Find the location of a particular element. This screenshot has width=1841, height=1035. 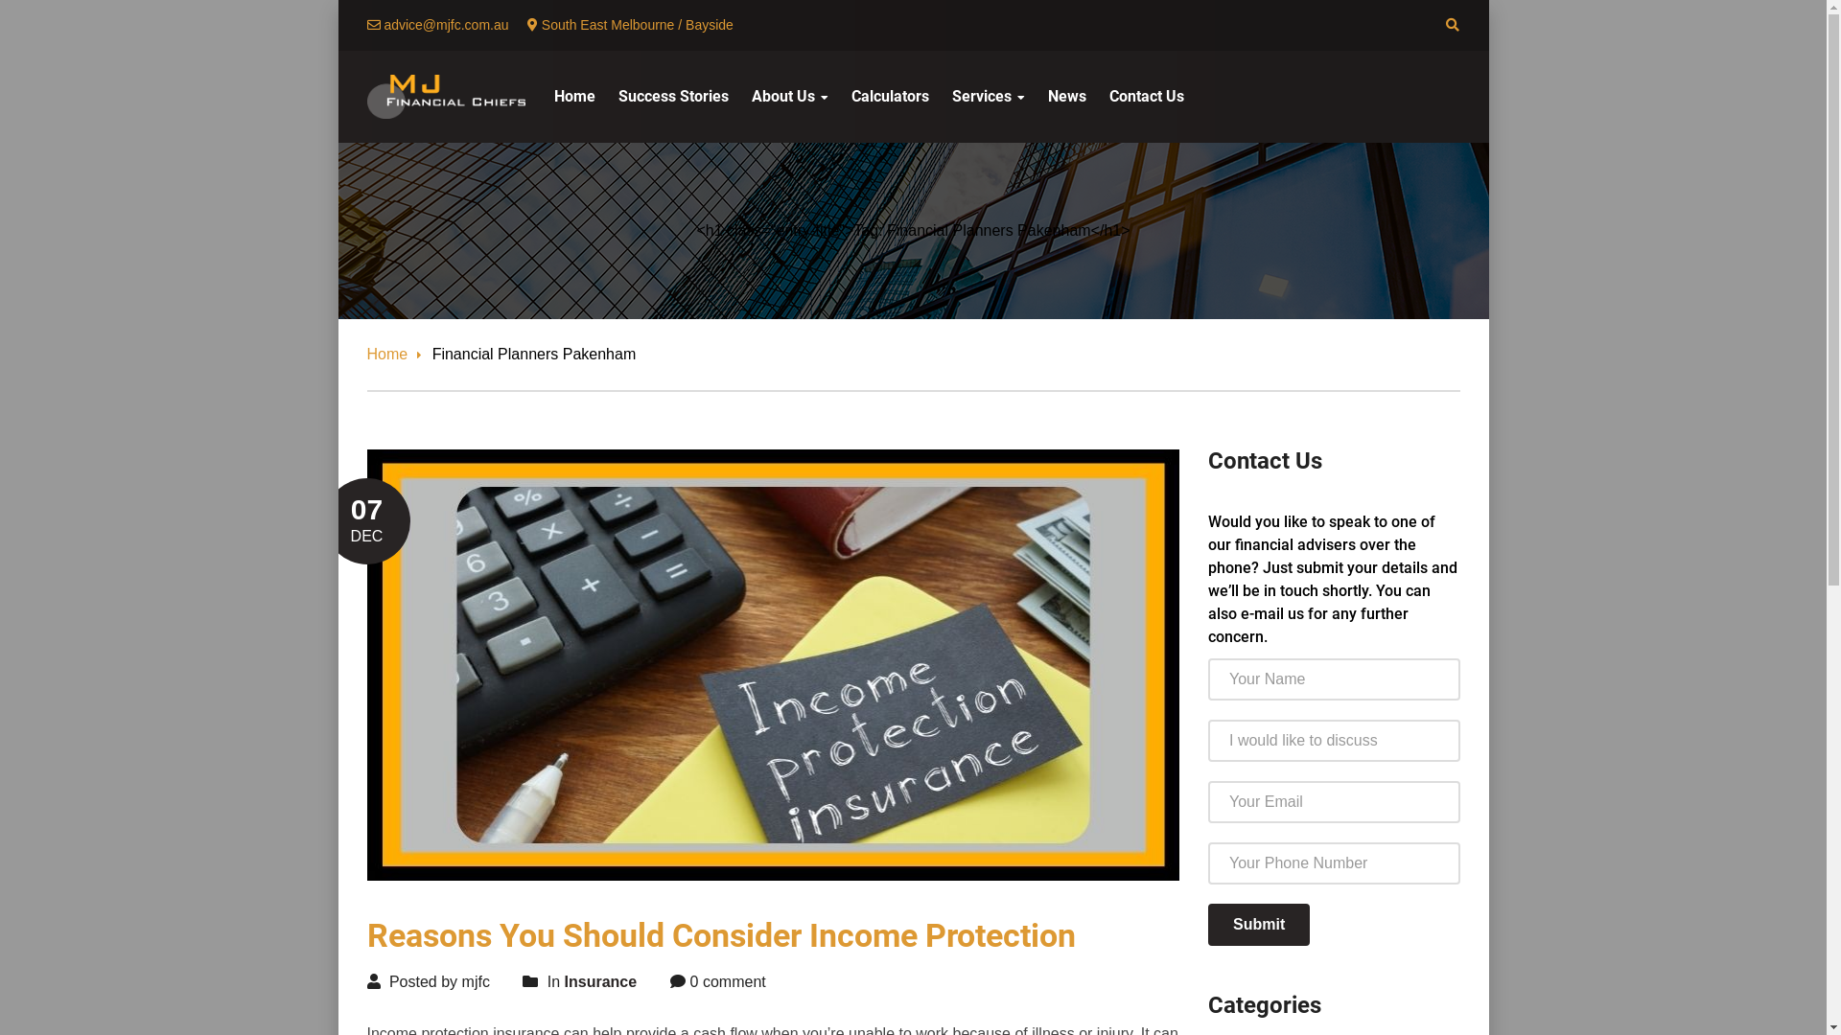

'News' is located at coordinates (1065, 96).